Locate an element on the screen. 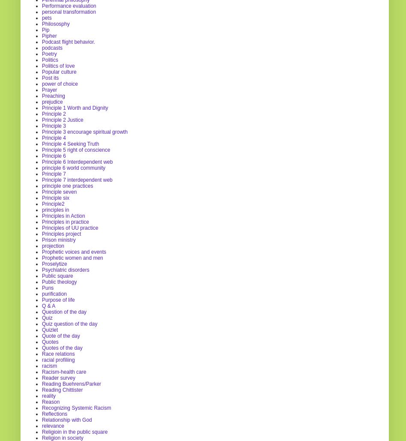  'racial profiliing' is located at coordinates (58, 359).